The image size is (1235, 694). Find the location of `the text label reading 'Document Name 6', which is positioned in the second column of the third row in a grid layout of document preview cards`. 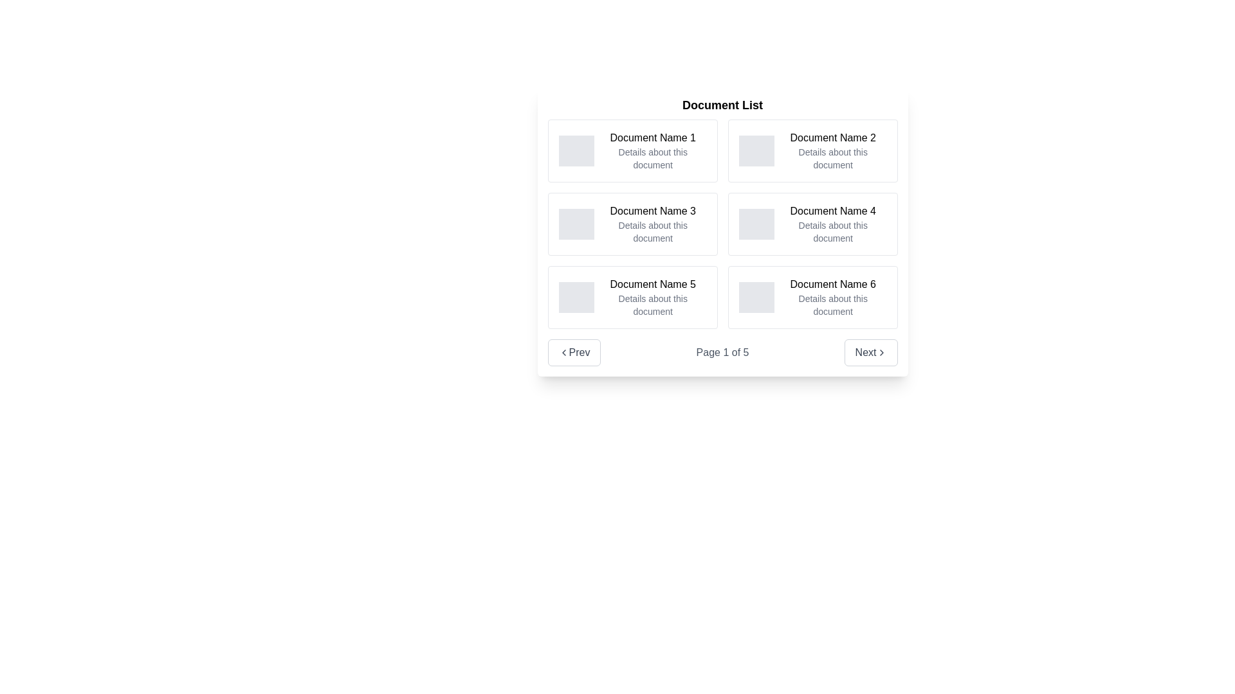

the text label reading 'Document Name 6', which is positioned in the second column of the third row in a grid layout of document preview cards is located at coordinates (833, 284).